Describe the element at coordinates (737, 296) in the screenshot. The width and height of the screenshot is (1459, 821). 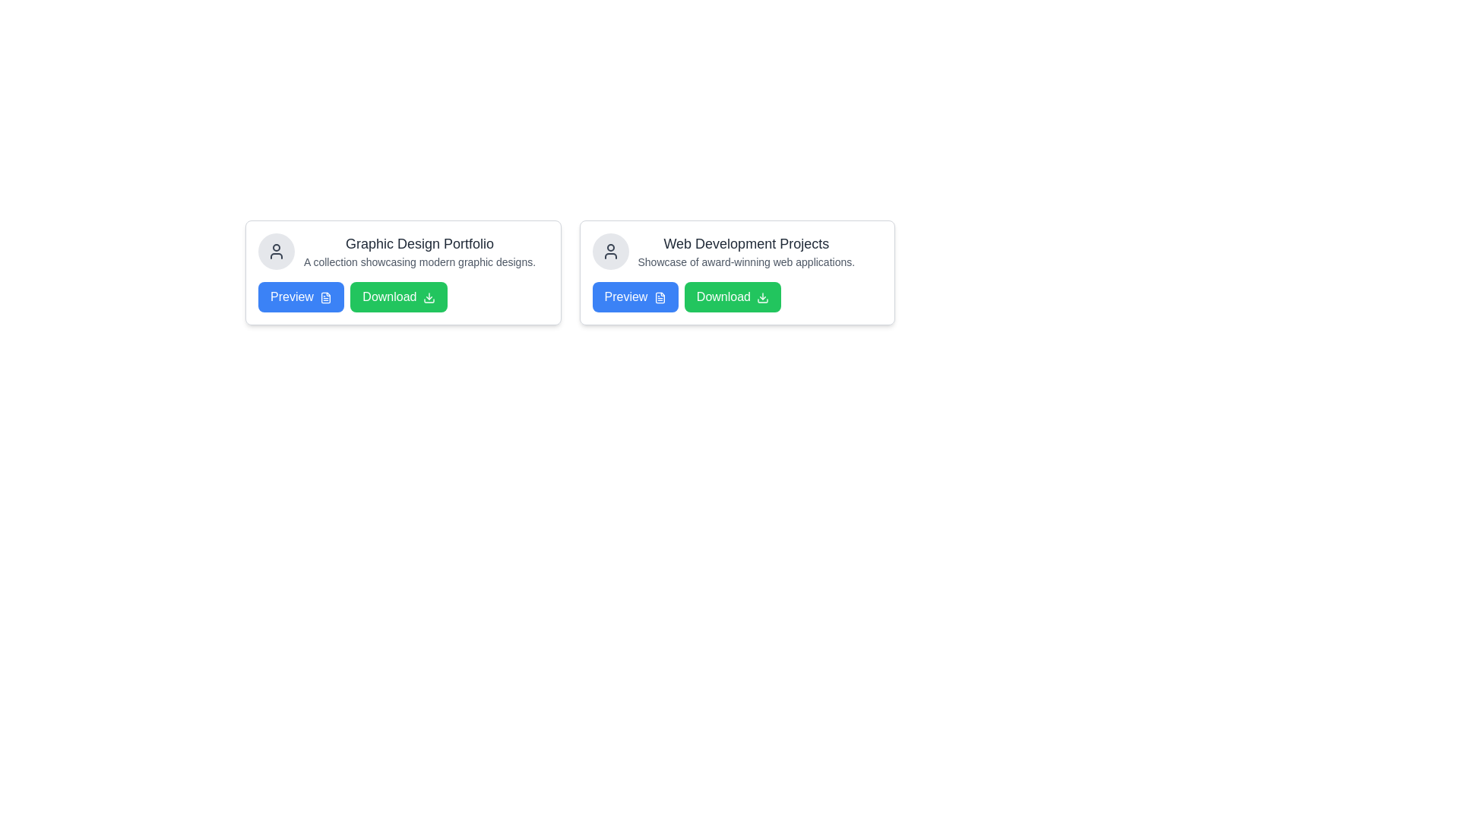
I see `the 'Download' button located to the right of the 'Preview' button within the second card titled 'Web Development Projects' to initiate the download action` at that location.